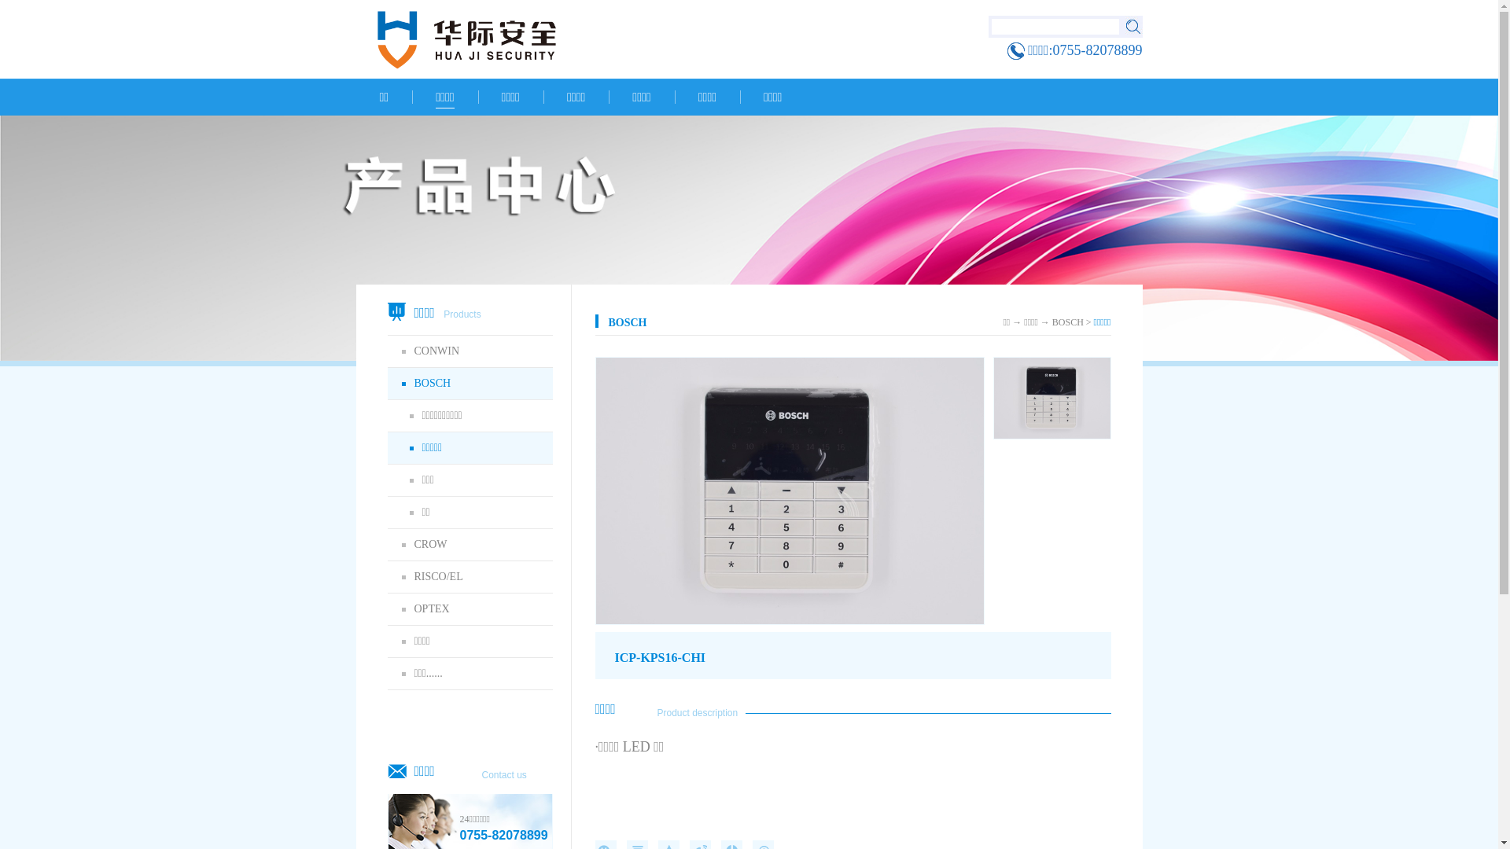 This screenshot has width=1510, height=849. Describe the element at coordinates (386, 351) in the screenshot. I see `'CONWIN'` at that location.